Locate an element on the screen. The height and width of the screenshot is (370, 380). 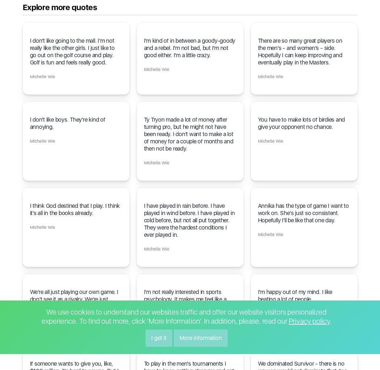
'I get it' is located at coordinates (150, 338).